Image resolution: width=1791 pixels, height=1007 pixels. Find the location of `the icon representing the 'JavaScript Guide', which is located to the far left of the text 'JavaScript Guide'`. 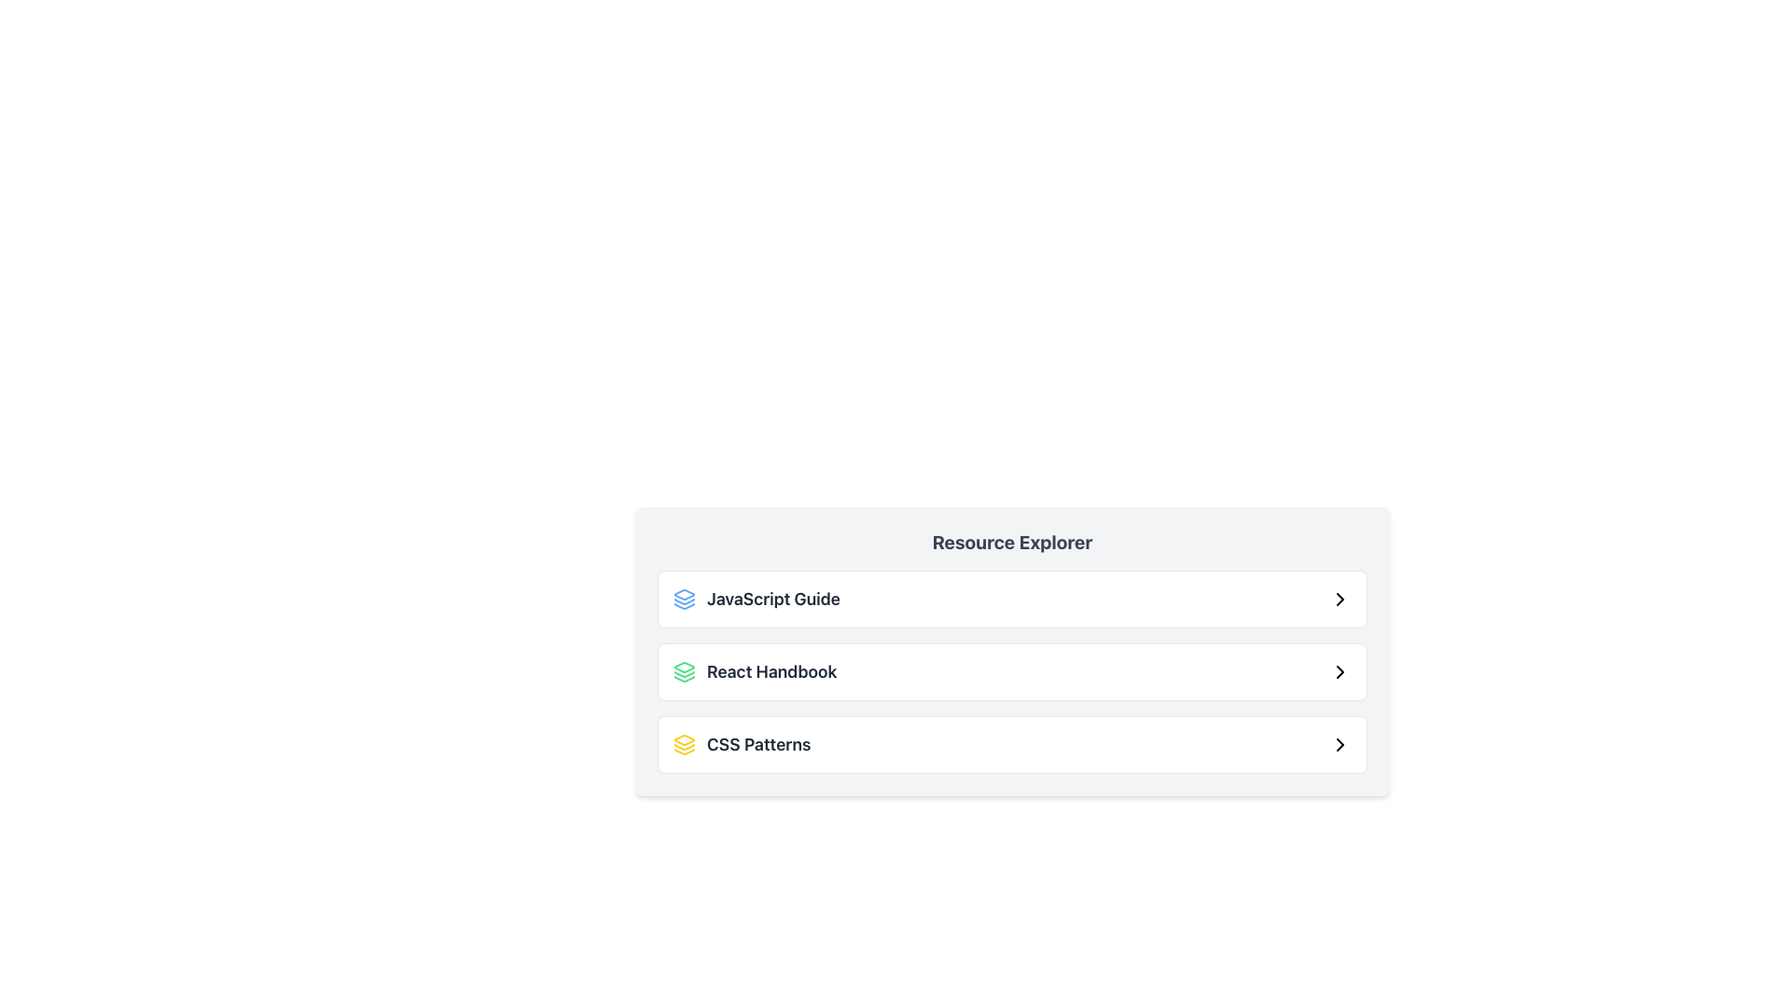

the icon representing the 'JavaScript Guide', which is located to the far left of the text 'JavaScript Guide' is located at coordinates (684, 600).